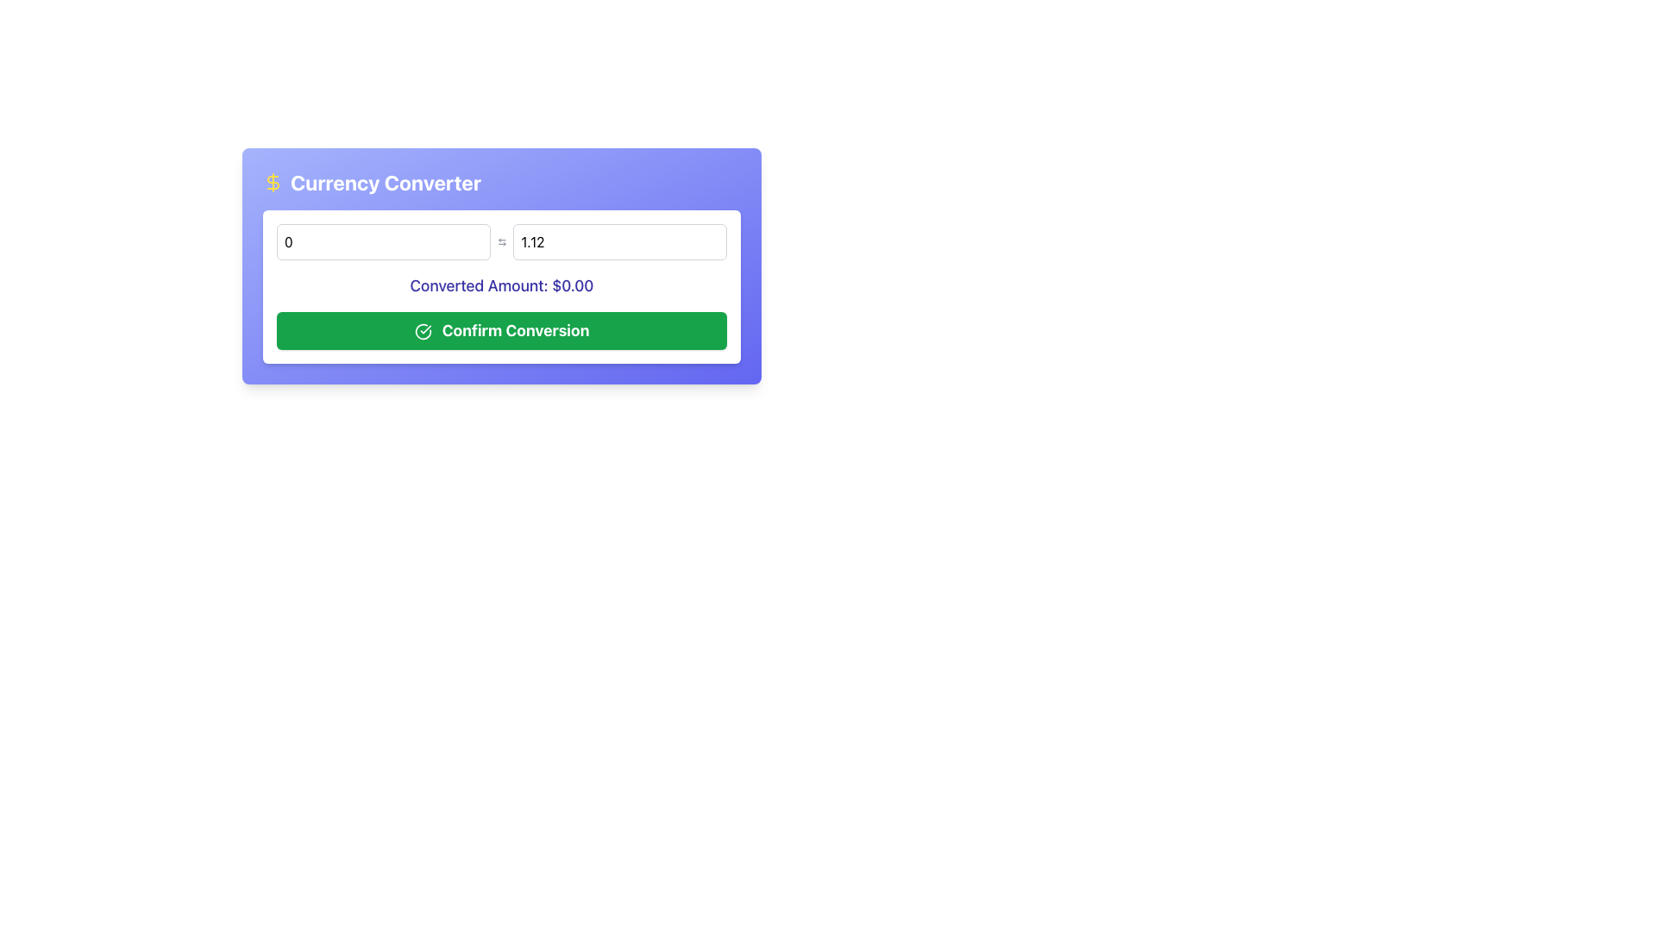 This screenshot has width=1656, height=931. I want to click on the green confirmation button labeled 'Confirm Conversion' which contains the circular-check icon as part of its design, so click(423, 332).